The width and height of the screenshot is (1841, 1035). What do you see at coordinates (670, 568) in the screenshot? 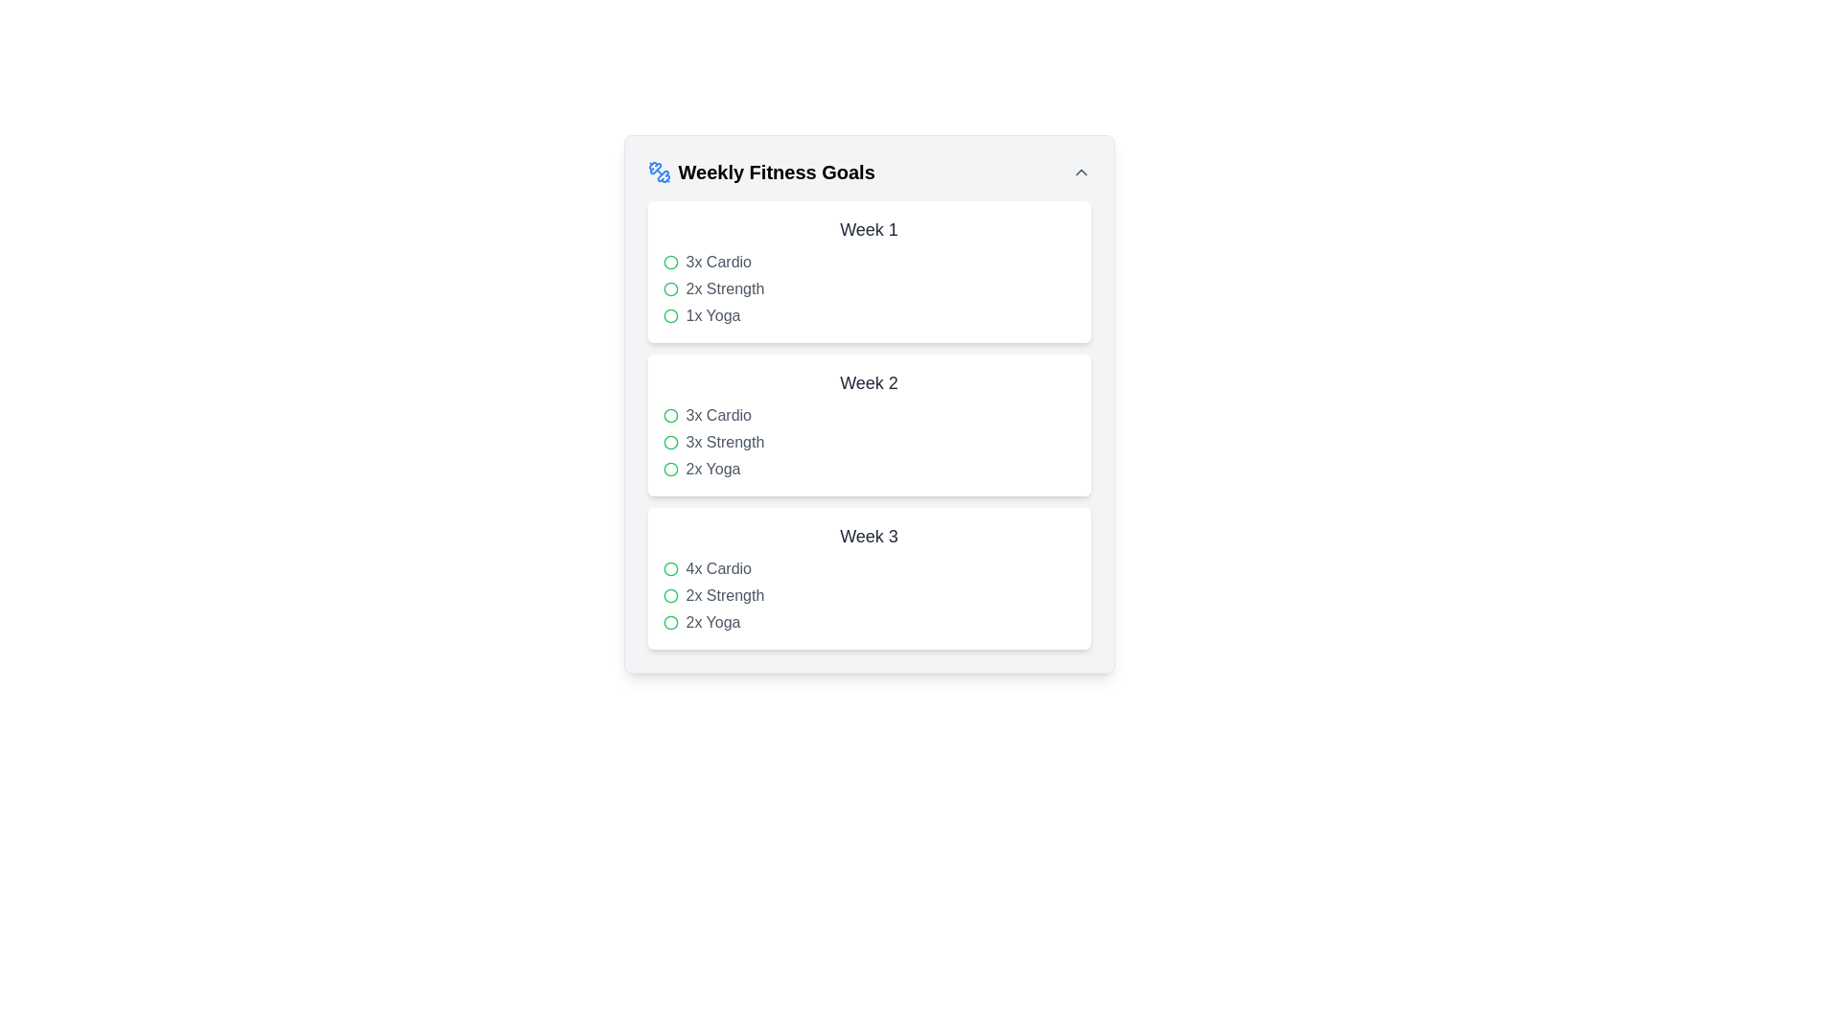
I see `the first status indicator icon under '4x Cardio' in the 'Week 3' section of the 'Weekly Fitness Goals' card` at bounding box center [670, 568].